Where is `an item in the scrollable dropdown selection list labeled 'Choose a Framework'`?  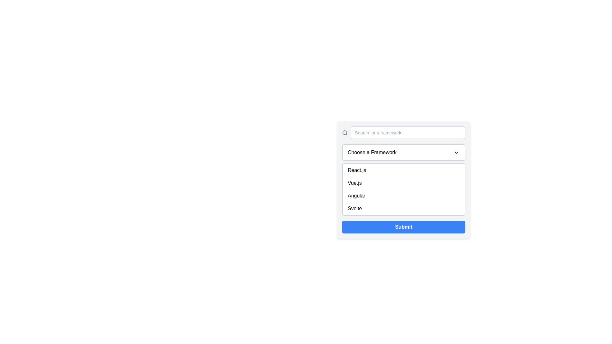
an item in the scrollable dropdown selection list labeled 'Choose a Framework' is located at coordinates (403, 189).